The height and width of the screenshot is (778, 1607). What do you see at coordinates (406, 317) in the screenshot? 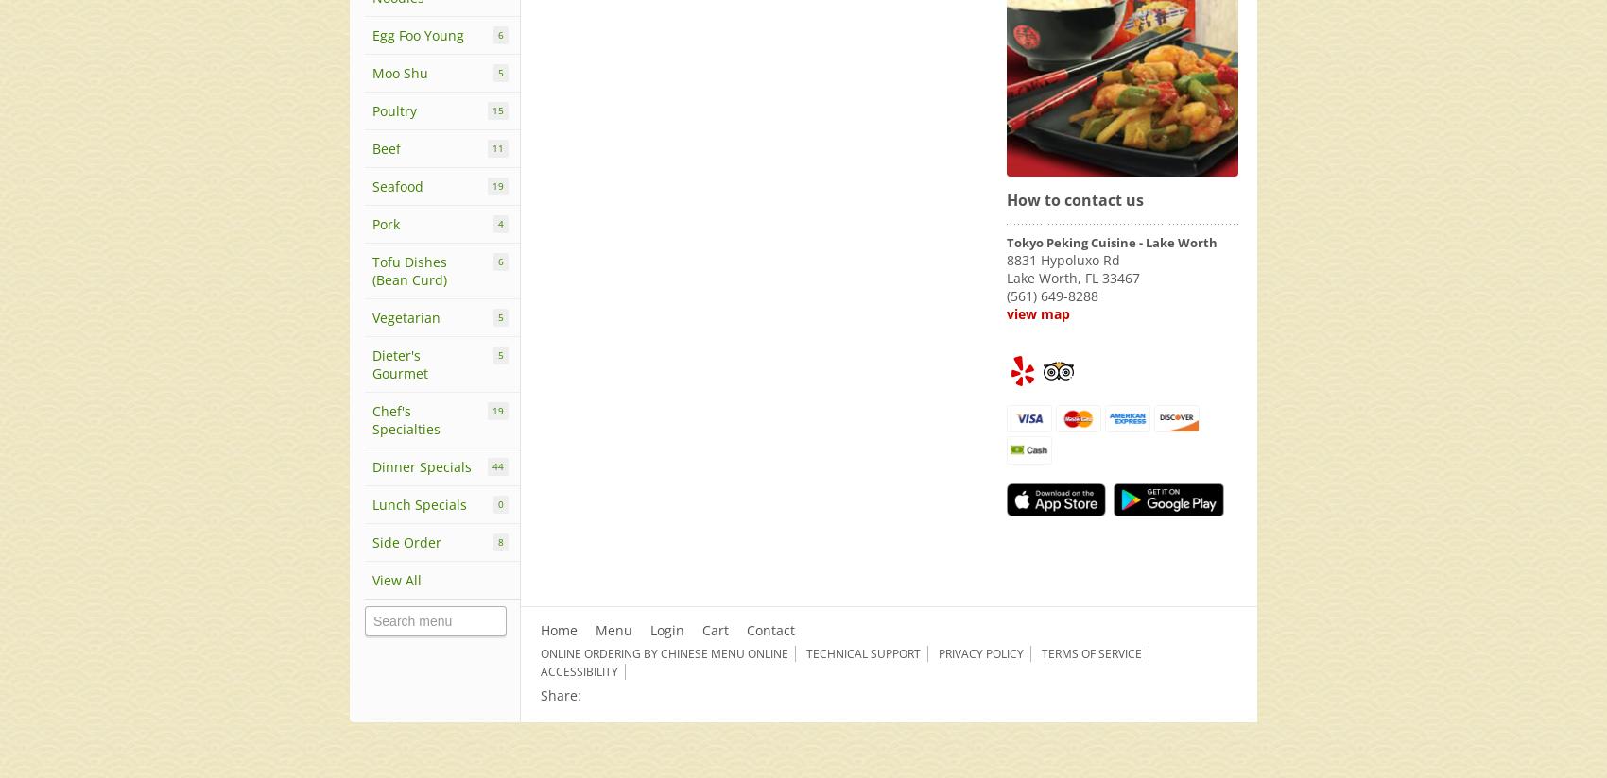
I see `'Vegetarian'` at bounding box center [406, 317].